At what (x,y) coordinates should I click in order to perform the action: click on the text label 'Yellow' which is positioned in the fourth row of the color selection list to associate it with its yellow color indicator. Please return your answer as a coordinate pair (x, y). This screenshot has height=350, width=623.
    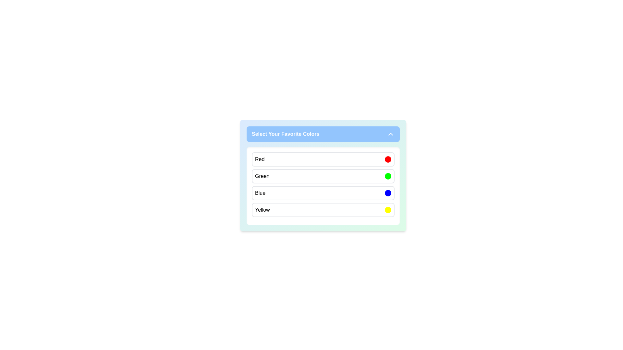
    Looking at the image, I should click on (262, 210).